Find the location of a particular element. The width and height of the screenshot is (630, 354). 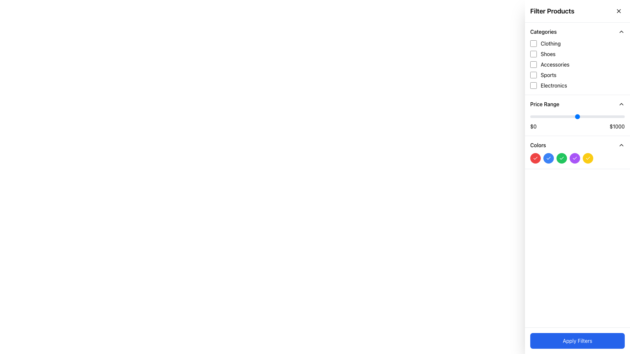

the small cross icon within the circular button at the top-right corner of the 'Filter Products' panel is located at coordinates (619, 11).